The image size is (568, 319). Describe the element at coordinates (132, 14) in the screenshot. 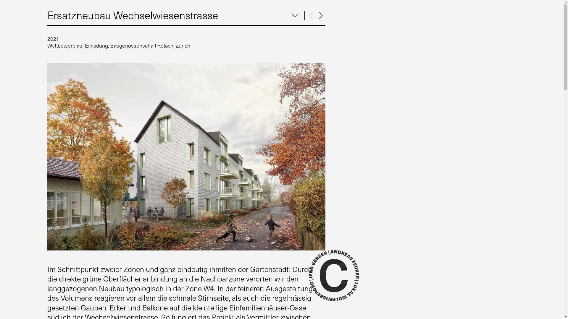

I see `'Ersatzneubau Wechselwiesenstrasse'` at that location.